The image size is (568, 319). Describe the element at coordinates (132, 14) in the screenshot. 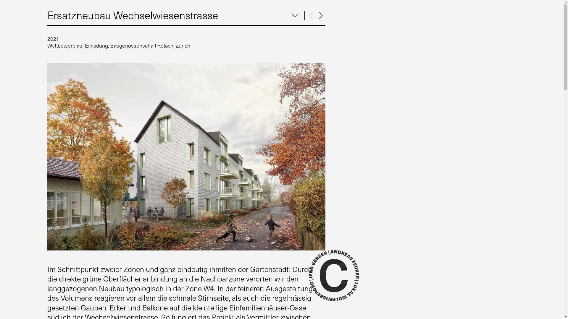

I see `'Ersatzneubau Wechselwiesenstrasse'` at that location.